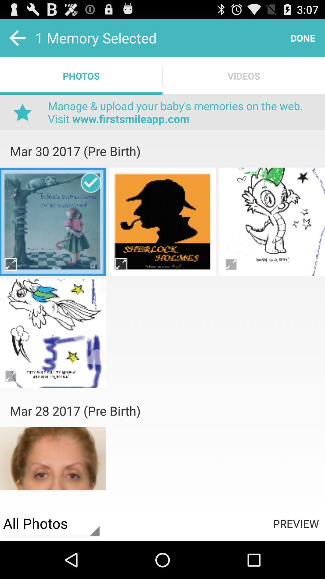  What do you see at coordinates (11, 264) in the screenshot?
I see `full size of the image` at bounding box center [11, 264].